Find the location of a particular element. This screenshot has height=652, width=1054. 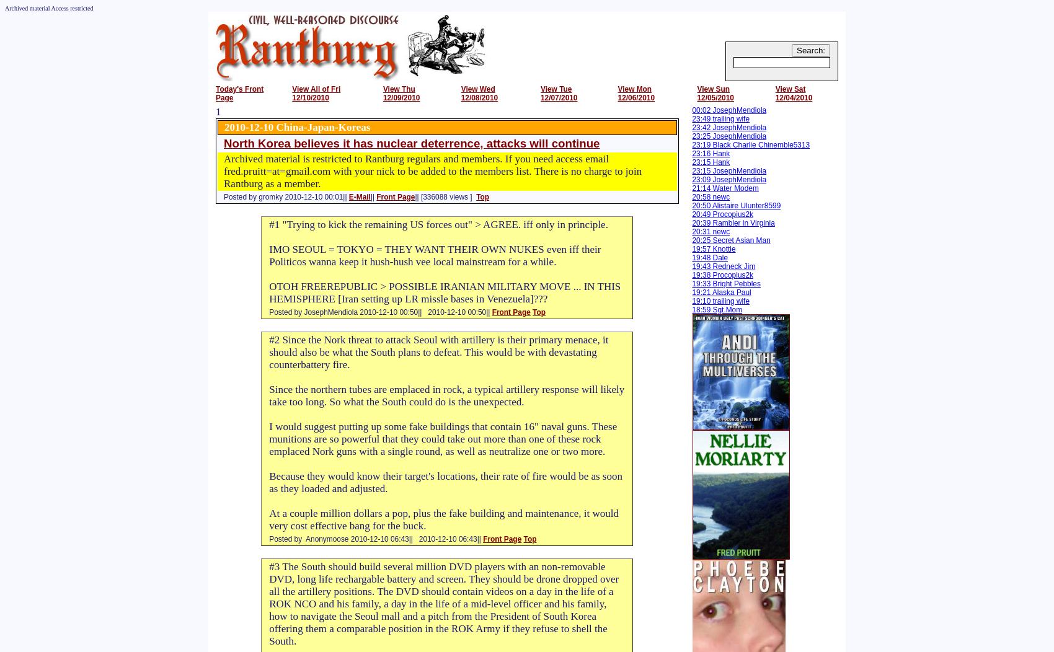

'View Wed 12/08/2010' is located at coordinates (478, 92).